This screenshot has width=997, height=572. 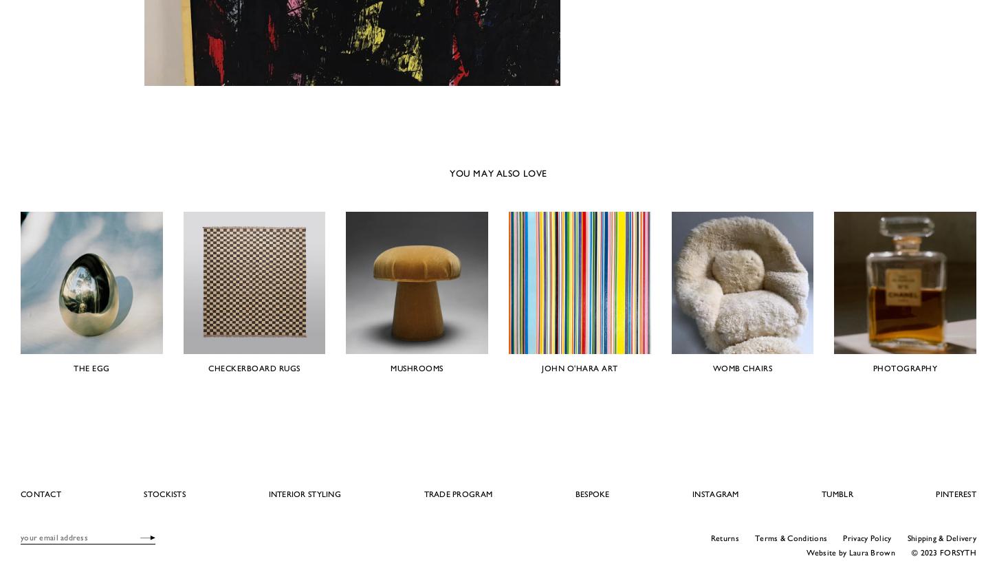 I want to click on 'Terms & Conditions', so click(x=790, y=536).